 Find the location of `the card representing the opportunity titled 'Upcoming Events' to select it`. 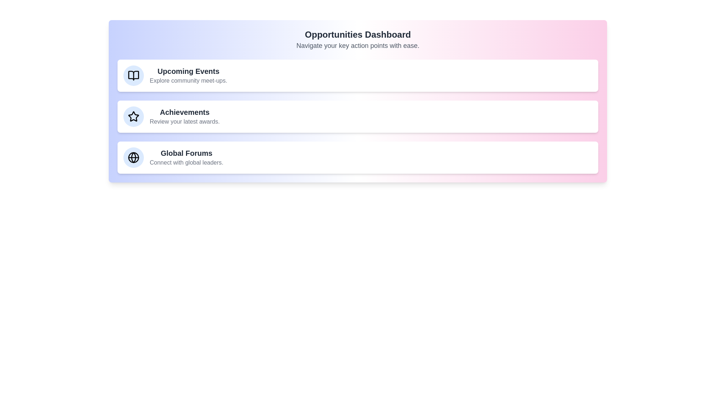

the card representing the opportunity titled 'Upcoming Events' to select it is located at coordinates (358, 76).